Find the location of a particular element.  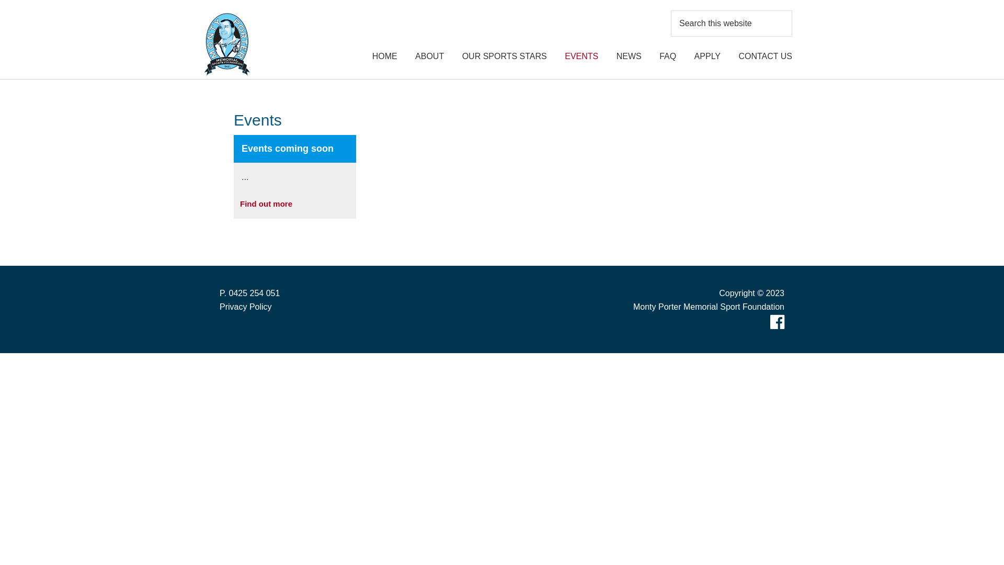

'HOME' is located at coordinates (384, 56).